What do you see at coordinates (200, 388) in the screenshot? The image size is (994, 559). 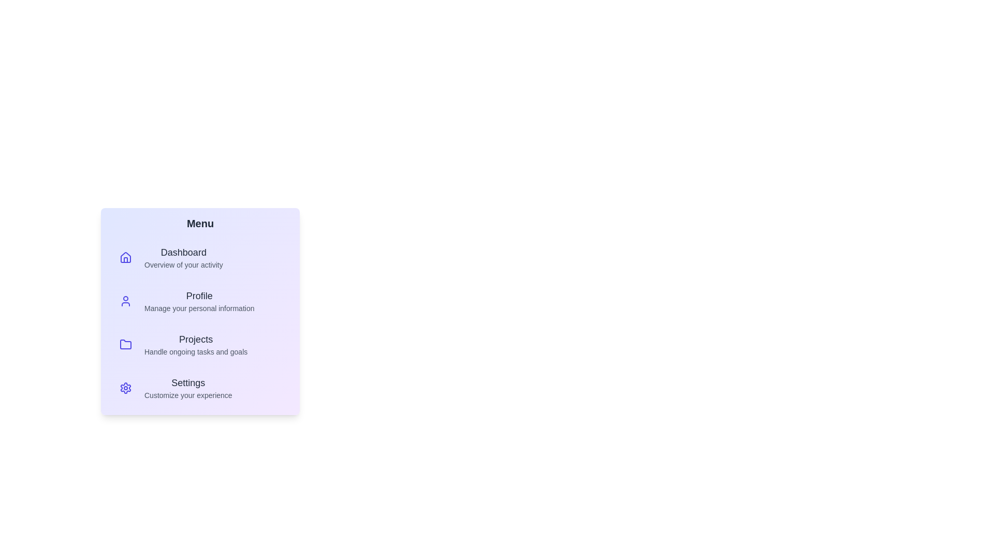 I see `the menu item corresponding to Settings` at bounding box center [200, 388].